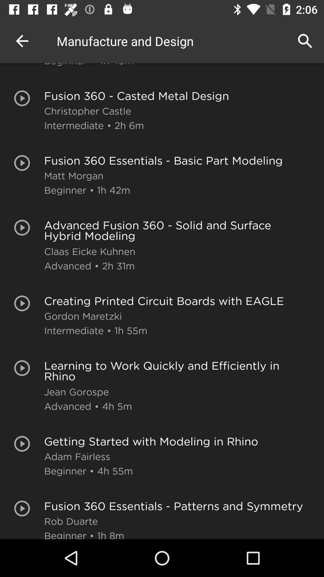 The width and height of the screenshot is (324, 577). Describe the element at coordinates (22, 41) in the screenshot. I see `the app to the left of manufacture and design app` at that location.